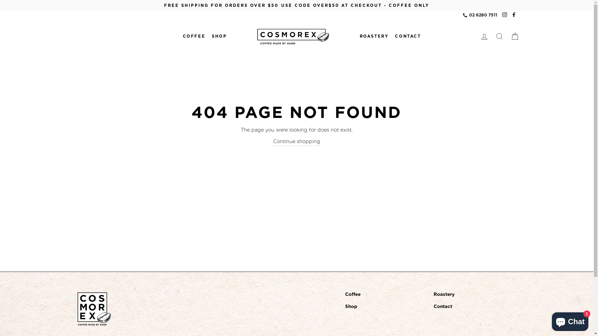 This screenshot has width=598, height=336. What do you see at coordinates (0, 0) in the screenshot?
I see `'Skip to content'` at bounding box center [0, 0].